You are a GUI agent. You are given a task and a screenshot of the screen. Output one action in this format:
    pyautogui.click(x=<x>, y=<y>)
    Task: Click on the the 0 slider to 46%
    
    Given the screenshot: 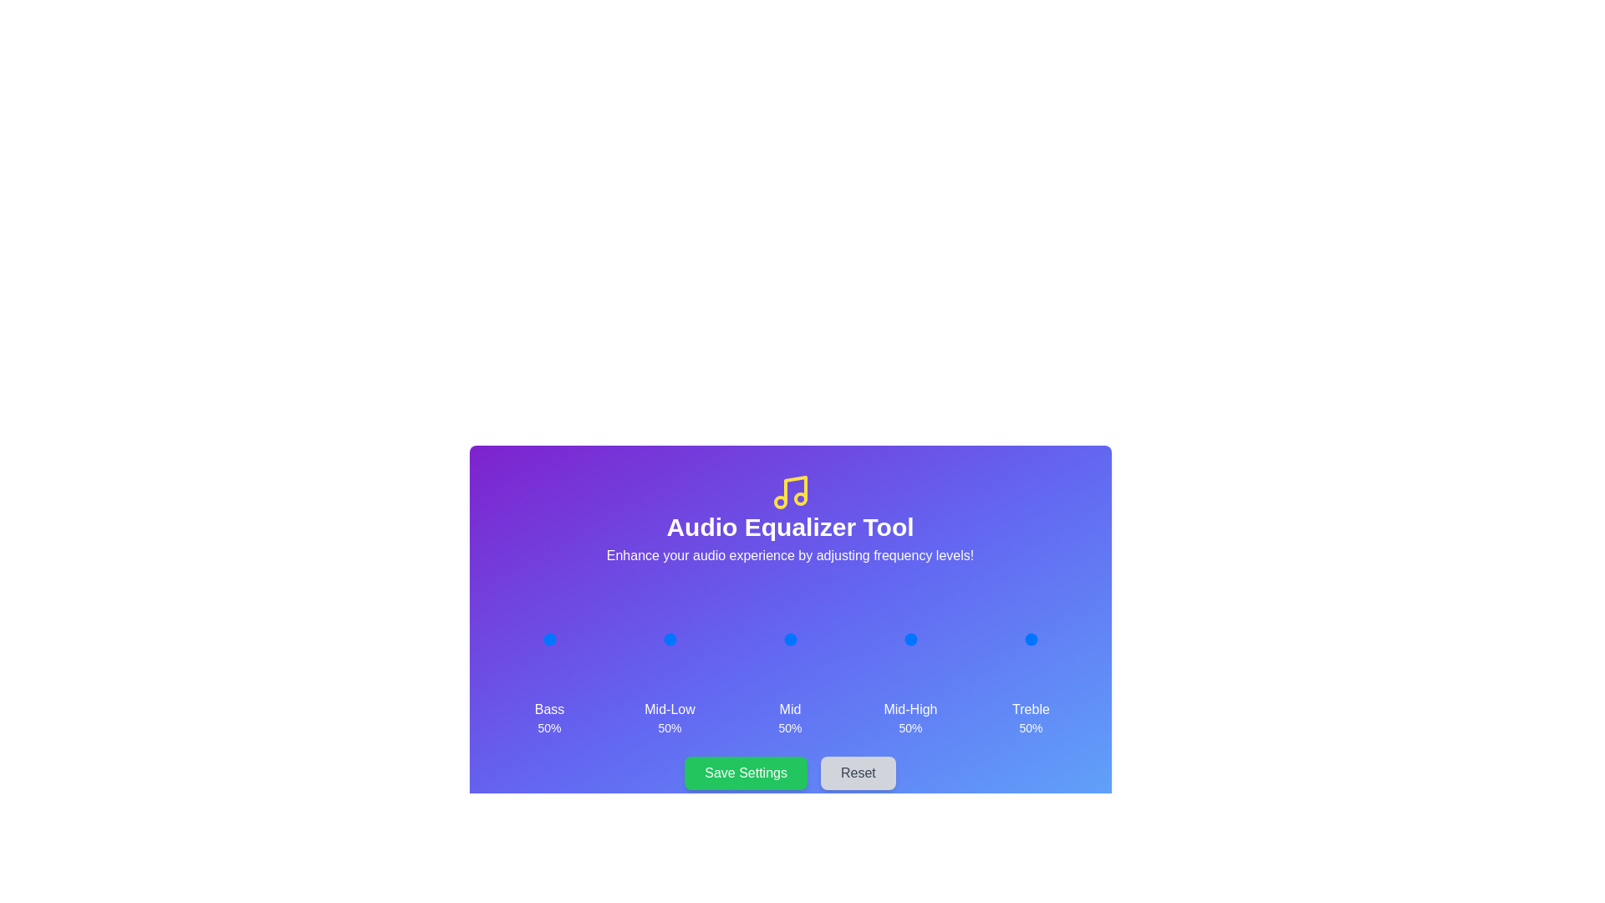 What is the action you would take?
    pyautogui.click(x=547, y=639)
    